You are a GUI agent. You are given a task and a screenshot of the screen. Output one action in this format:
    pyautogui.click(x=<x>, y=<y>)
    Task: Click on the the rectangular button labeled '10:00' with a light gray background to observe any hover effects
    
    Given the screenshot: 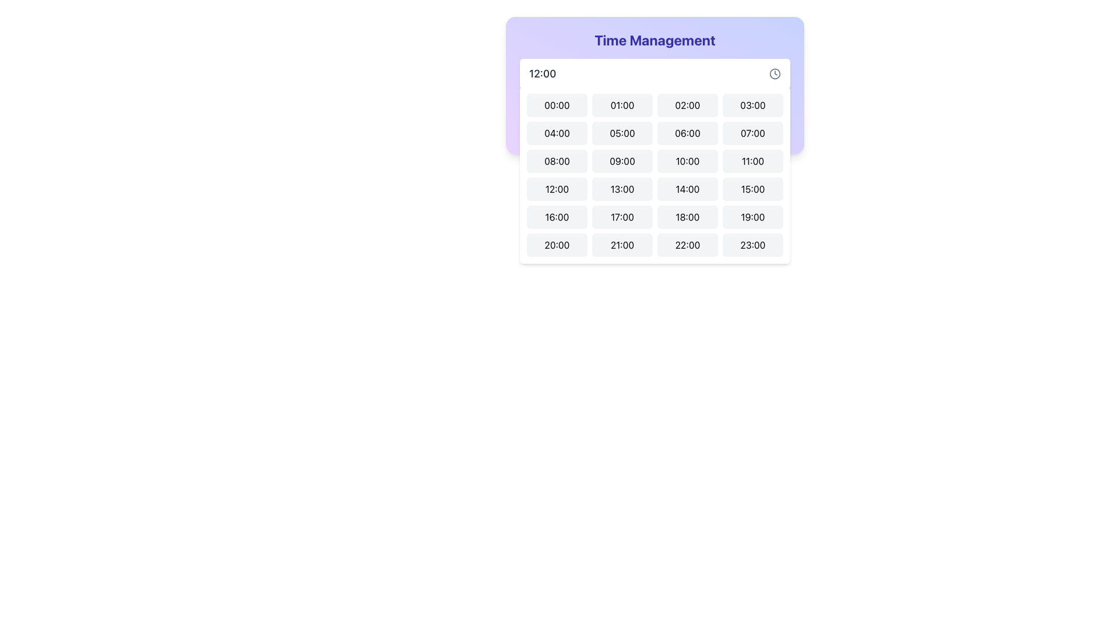 What is the action you would take?
    pyautogui.click(x=688, y=161)
    